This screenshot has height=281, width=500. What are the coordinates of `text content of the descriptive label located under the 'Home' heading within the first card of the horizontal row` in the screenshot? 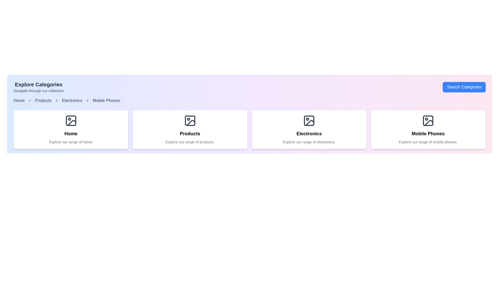 It's located at (71, 142).